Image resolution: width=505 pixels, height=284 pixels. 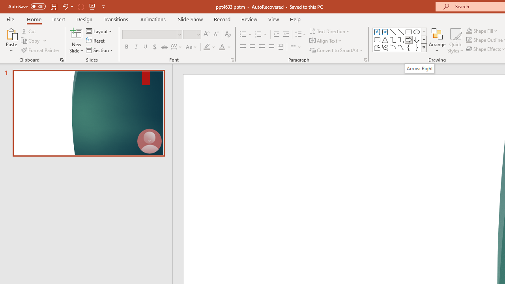 I want to click on 'Connector: Elbow Arrow', so click(x=401, y=39).